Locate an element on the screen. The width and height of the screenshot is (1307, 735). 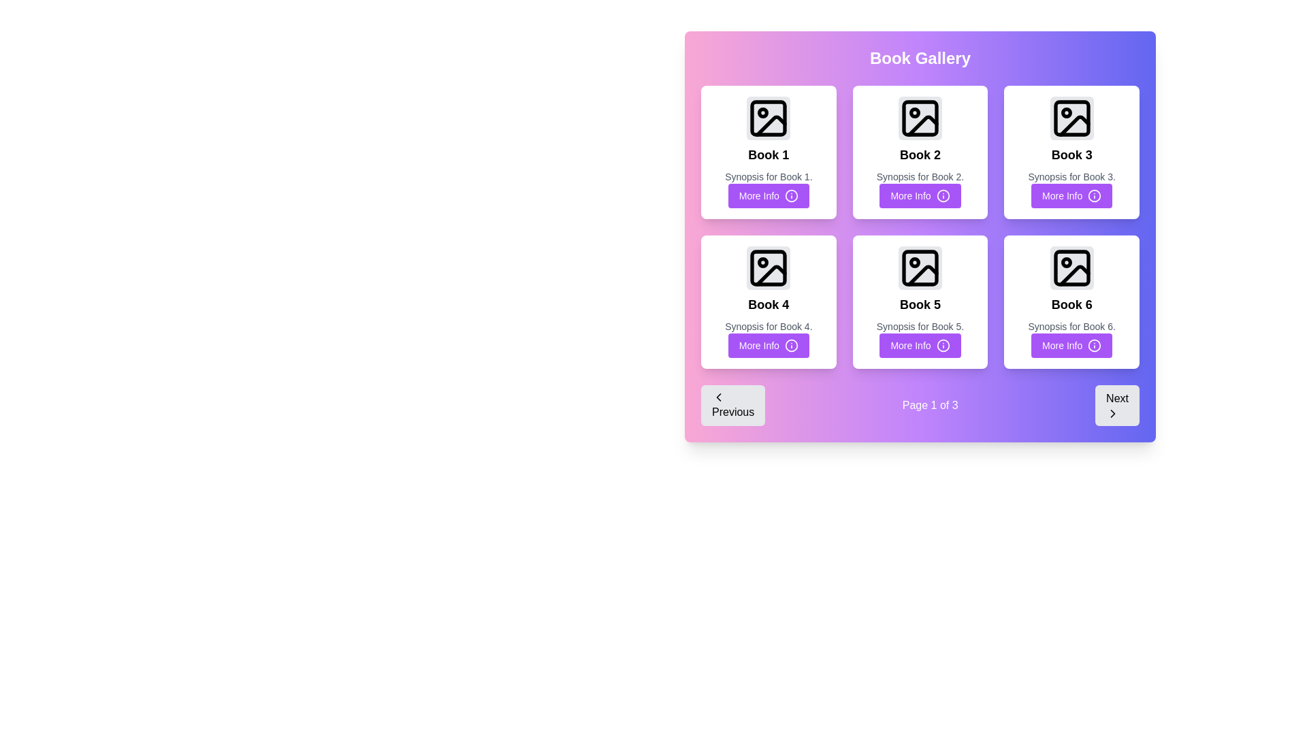
the button located below the synopsis text of 'Book 2' in the middle card of the top row within the 'Book Gallery' section is located at coordinates (920, 196).